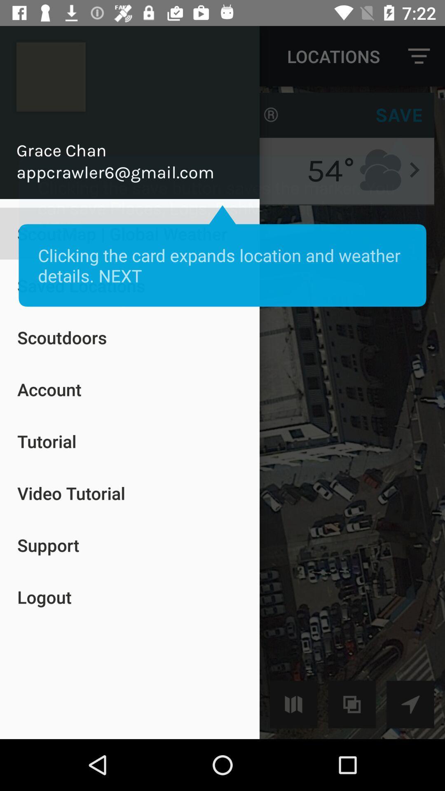  I want to click on the sliders icon, so click(293, 704).